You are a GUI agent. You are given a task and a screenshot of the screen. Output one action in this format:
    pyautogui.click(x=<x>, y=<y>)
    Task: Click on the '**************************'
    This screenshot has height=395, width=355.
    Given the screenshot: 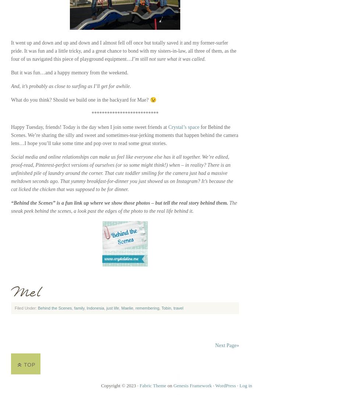 What is the action you would take?
    pyautogui.click(x=125, y=113)
    